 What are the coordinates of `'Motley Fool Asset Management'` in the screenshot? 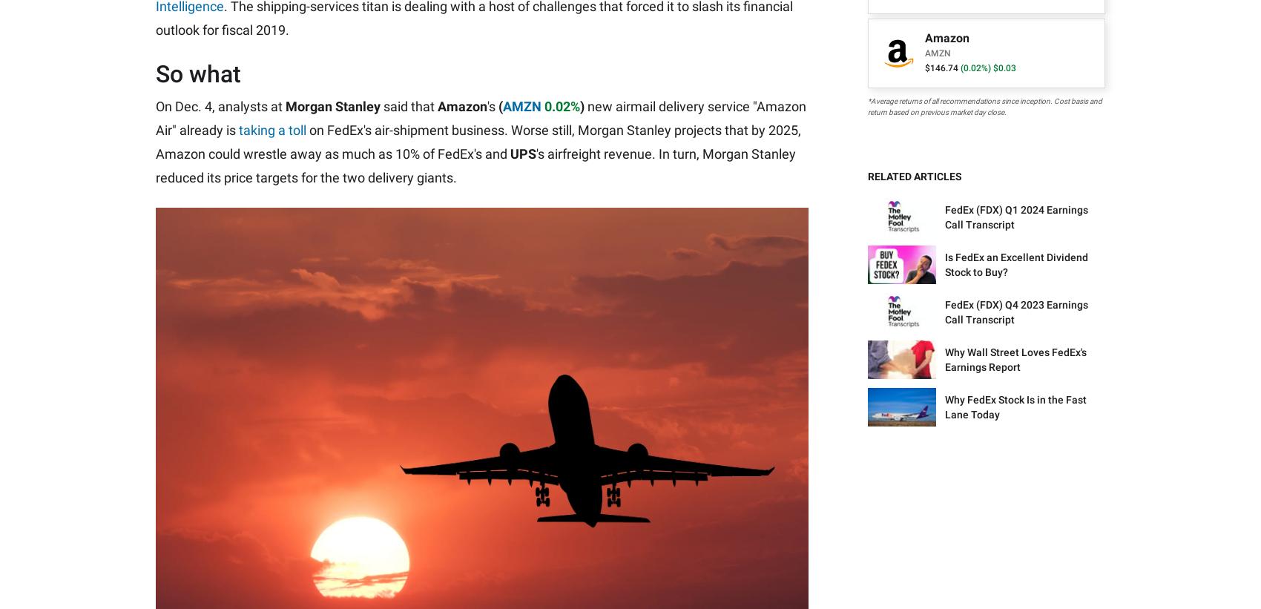 It's located at (1013, 205).